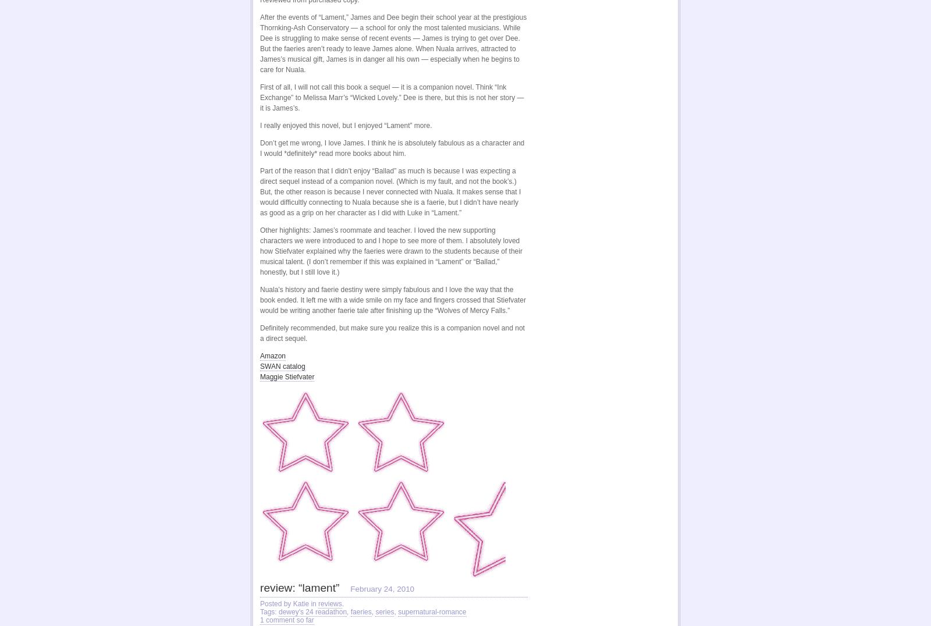  I want to click on 'supernatural-romance', so click(398, 610).